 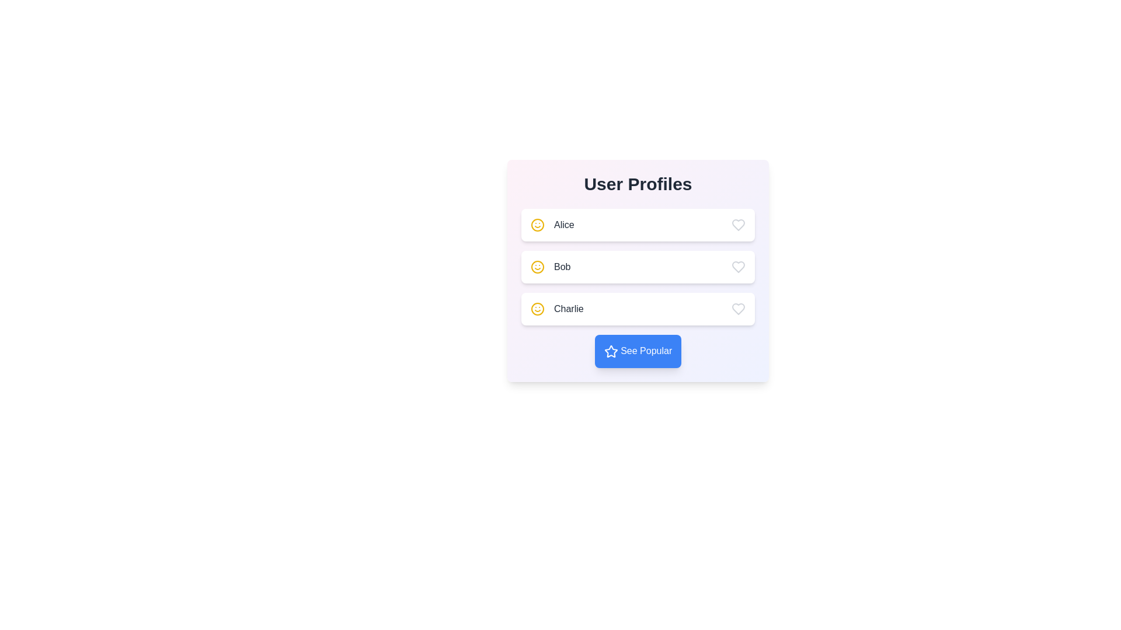 What do you see at coordinates (638, 350) in the screenshot?
I see `the blue button labeled 'See Popular' with a star icon, located at the bottom of the user profiles card below the 'Charlie' profile` at bounding box center [638, 350].